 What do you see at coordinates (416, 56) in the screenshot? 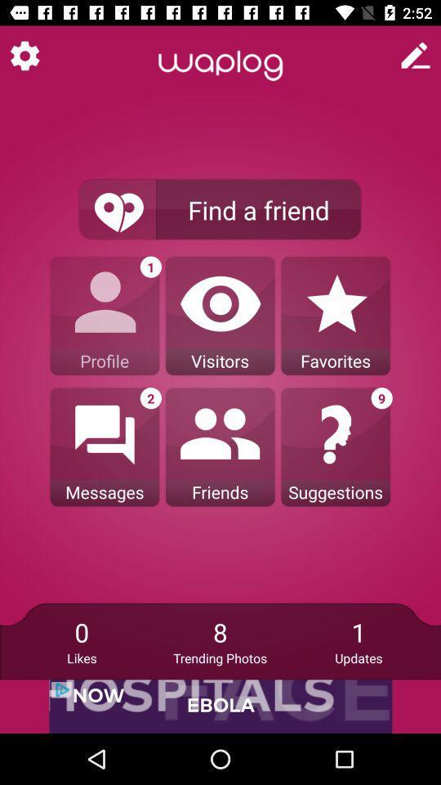
I see `new` at bounding box center [416, 56].